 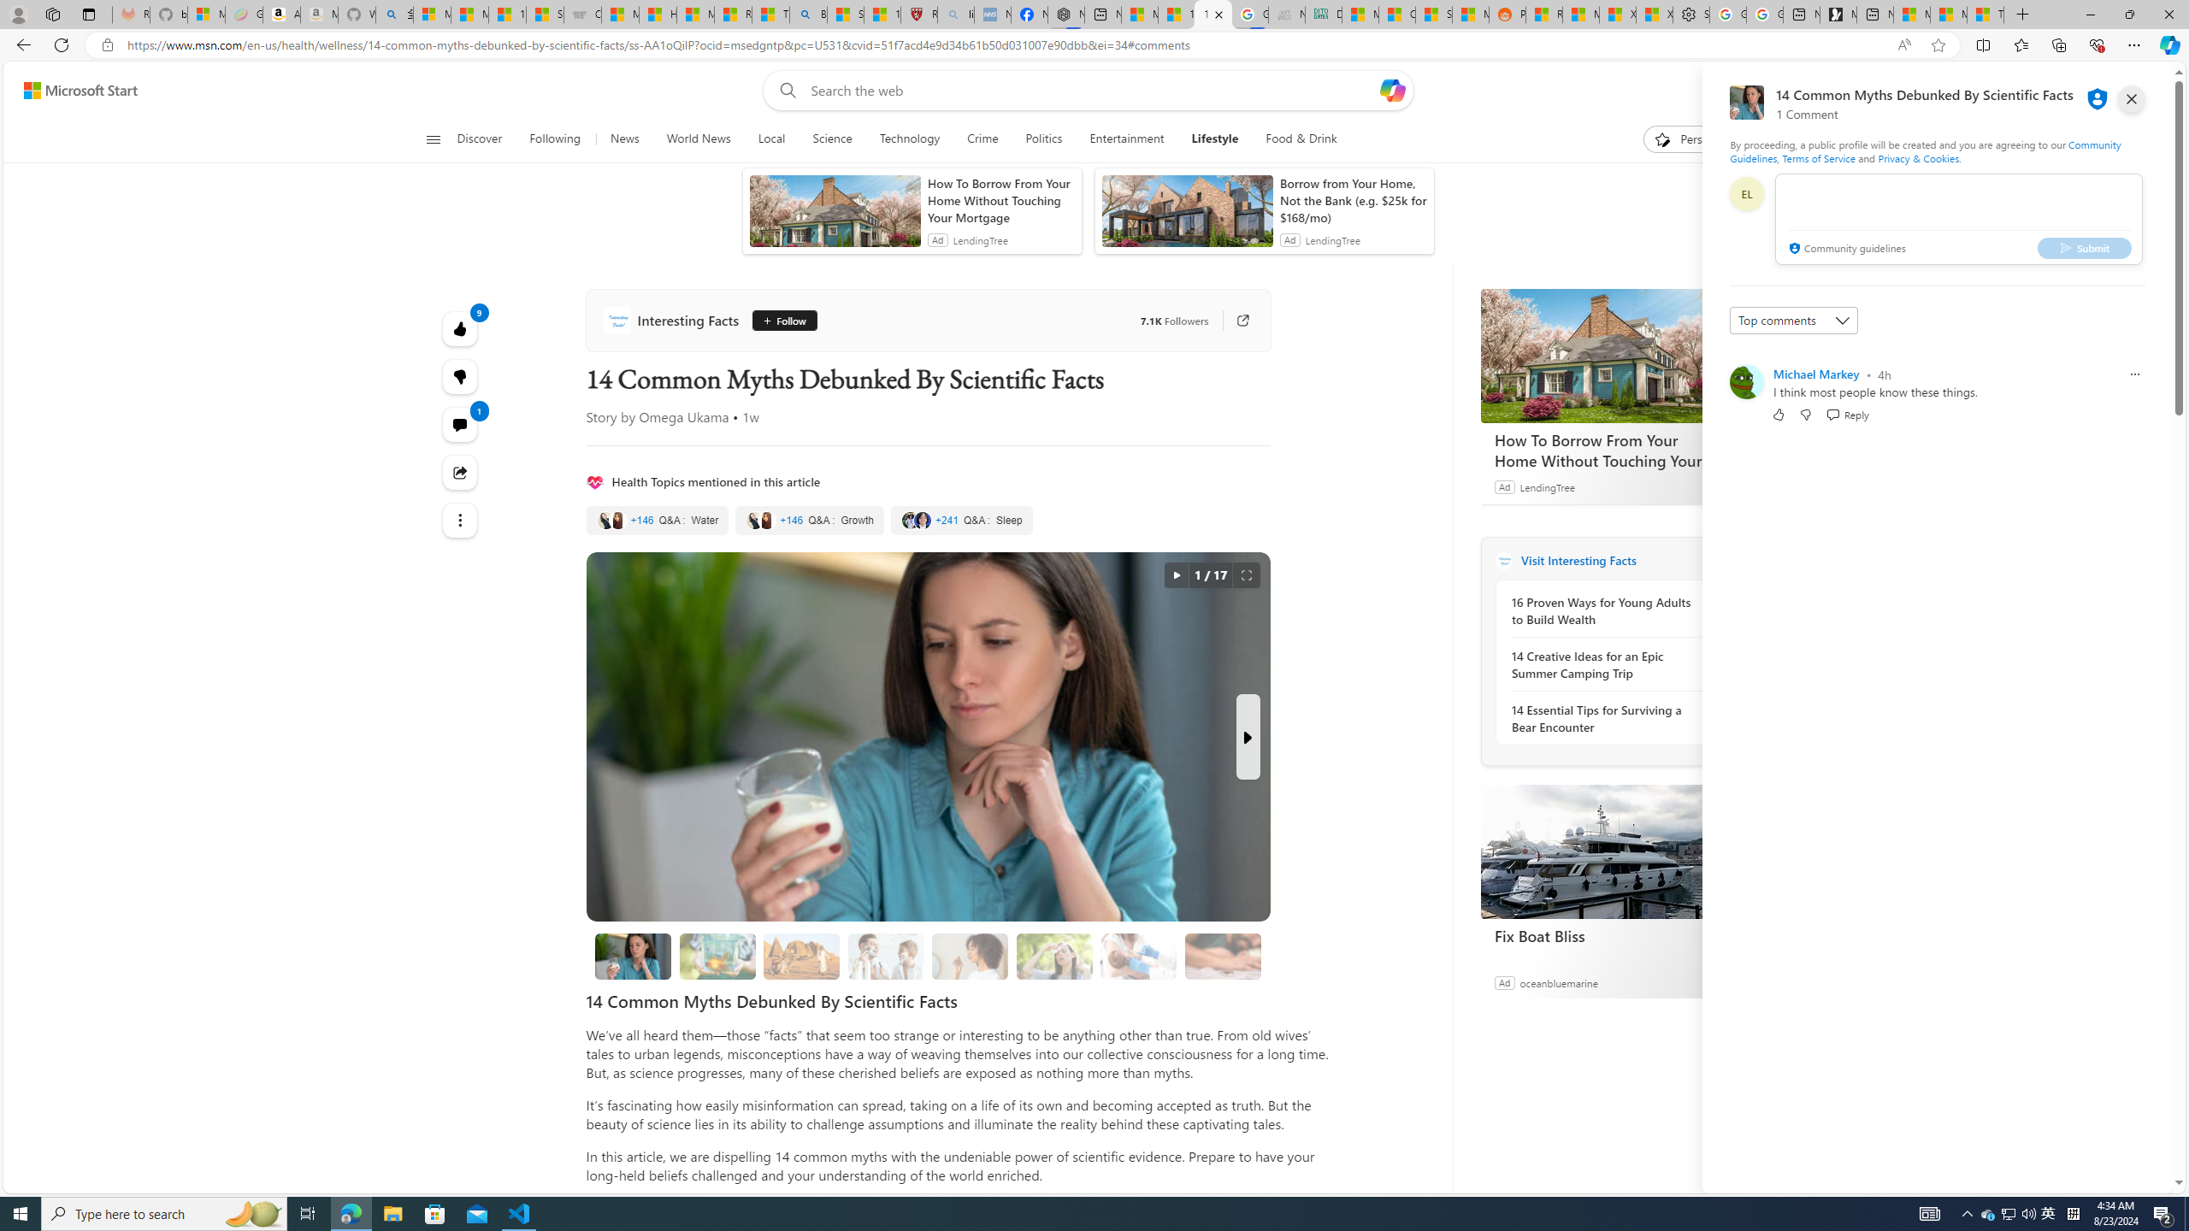 I want to click on 'Profile Picture', so click(x=1746, y=382).